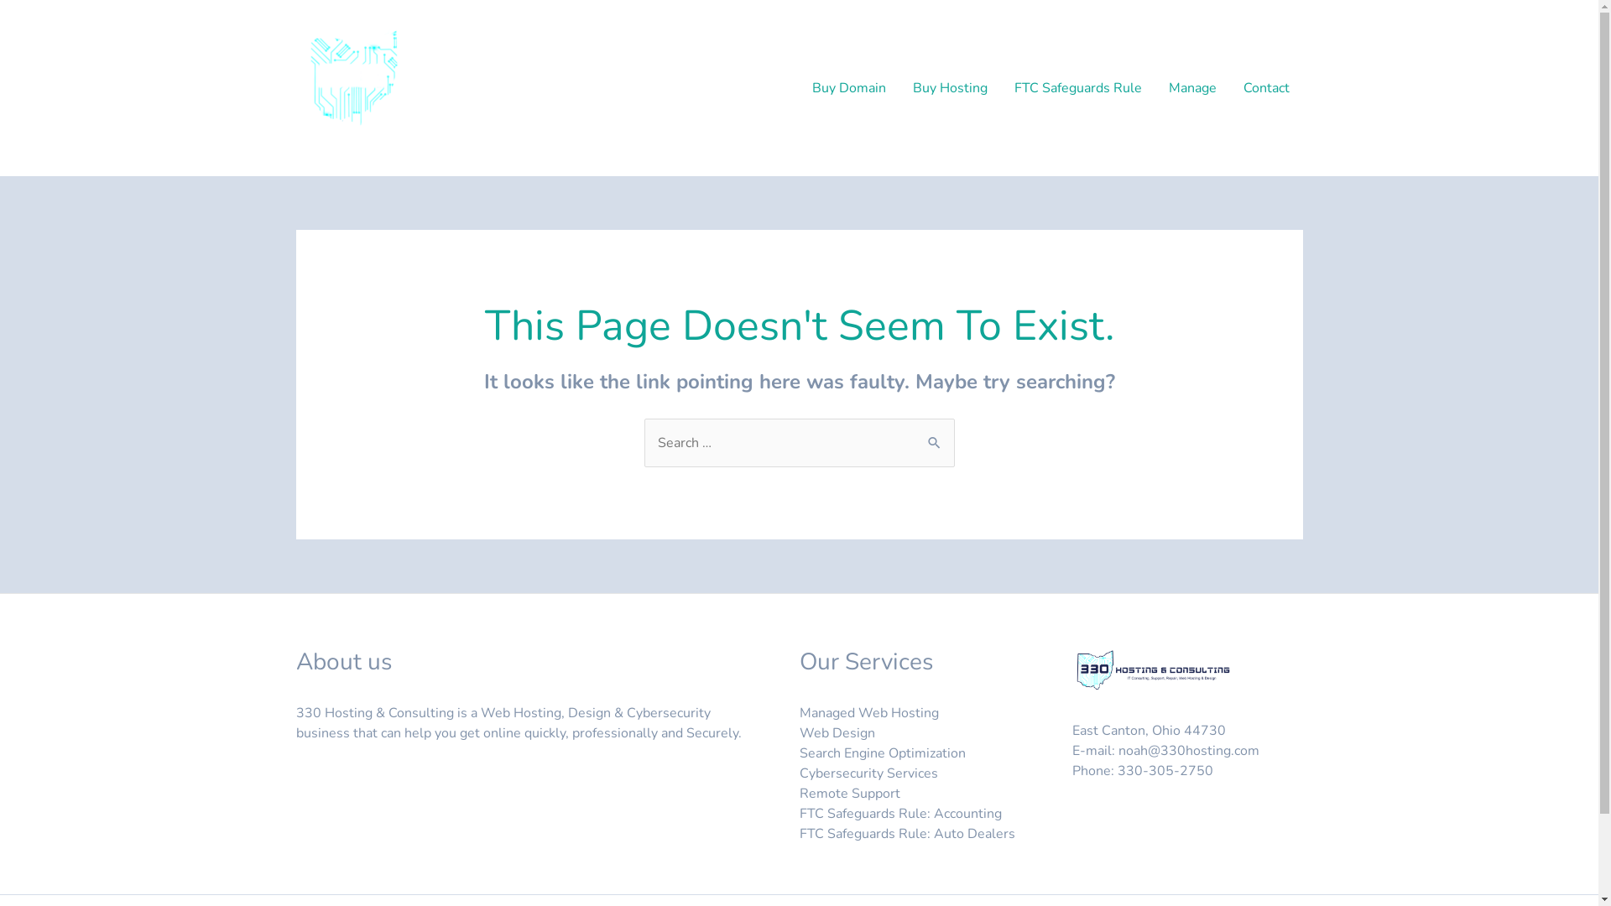 Image resolution: width=1611 pixels, height=906 pixels. Describe the element at coordinates (797, 793) in the screenshot. I see `'Remote Support'` at that location.